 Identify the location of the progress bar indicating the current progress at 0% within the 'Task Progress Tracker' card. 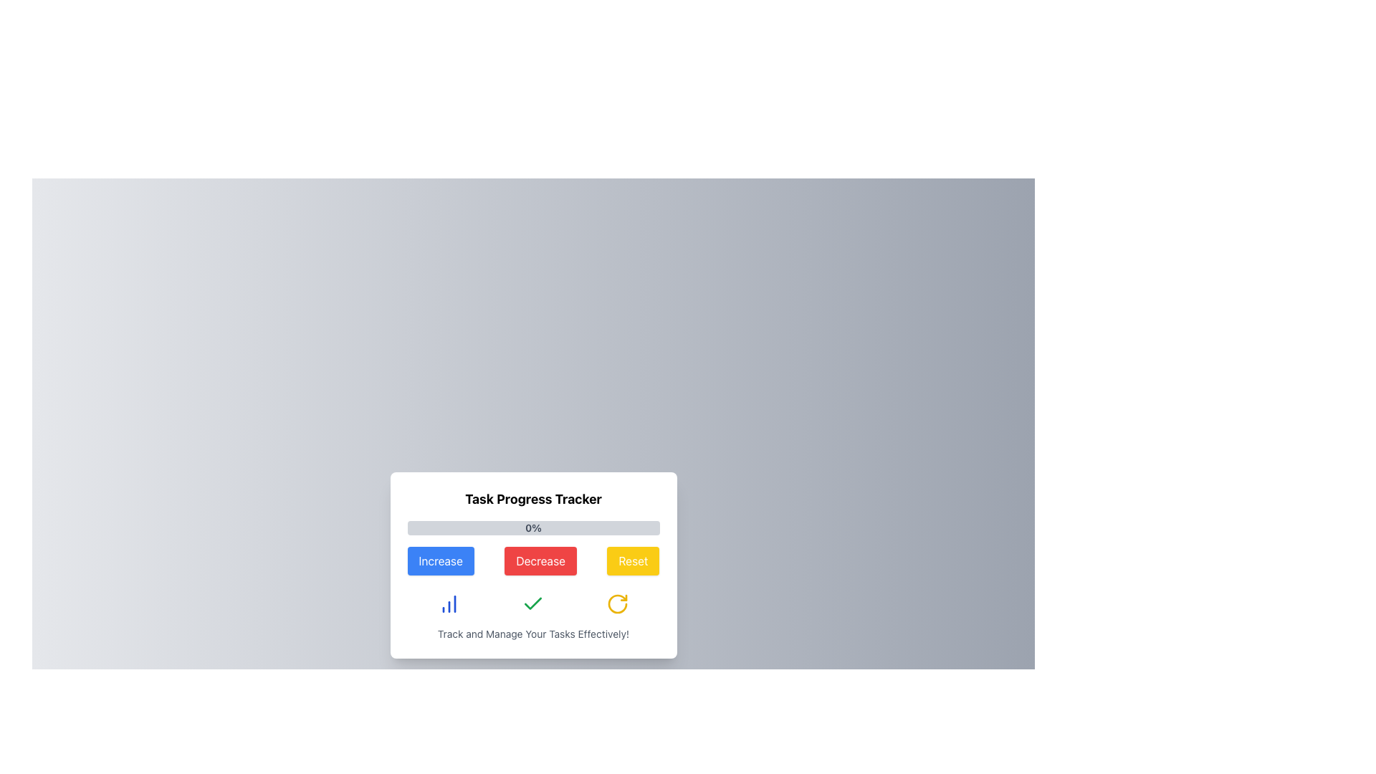
(532, 527).